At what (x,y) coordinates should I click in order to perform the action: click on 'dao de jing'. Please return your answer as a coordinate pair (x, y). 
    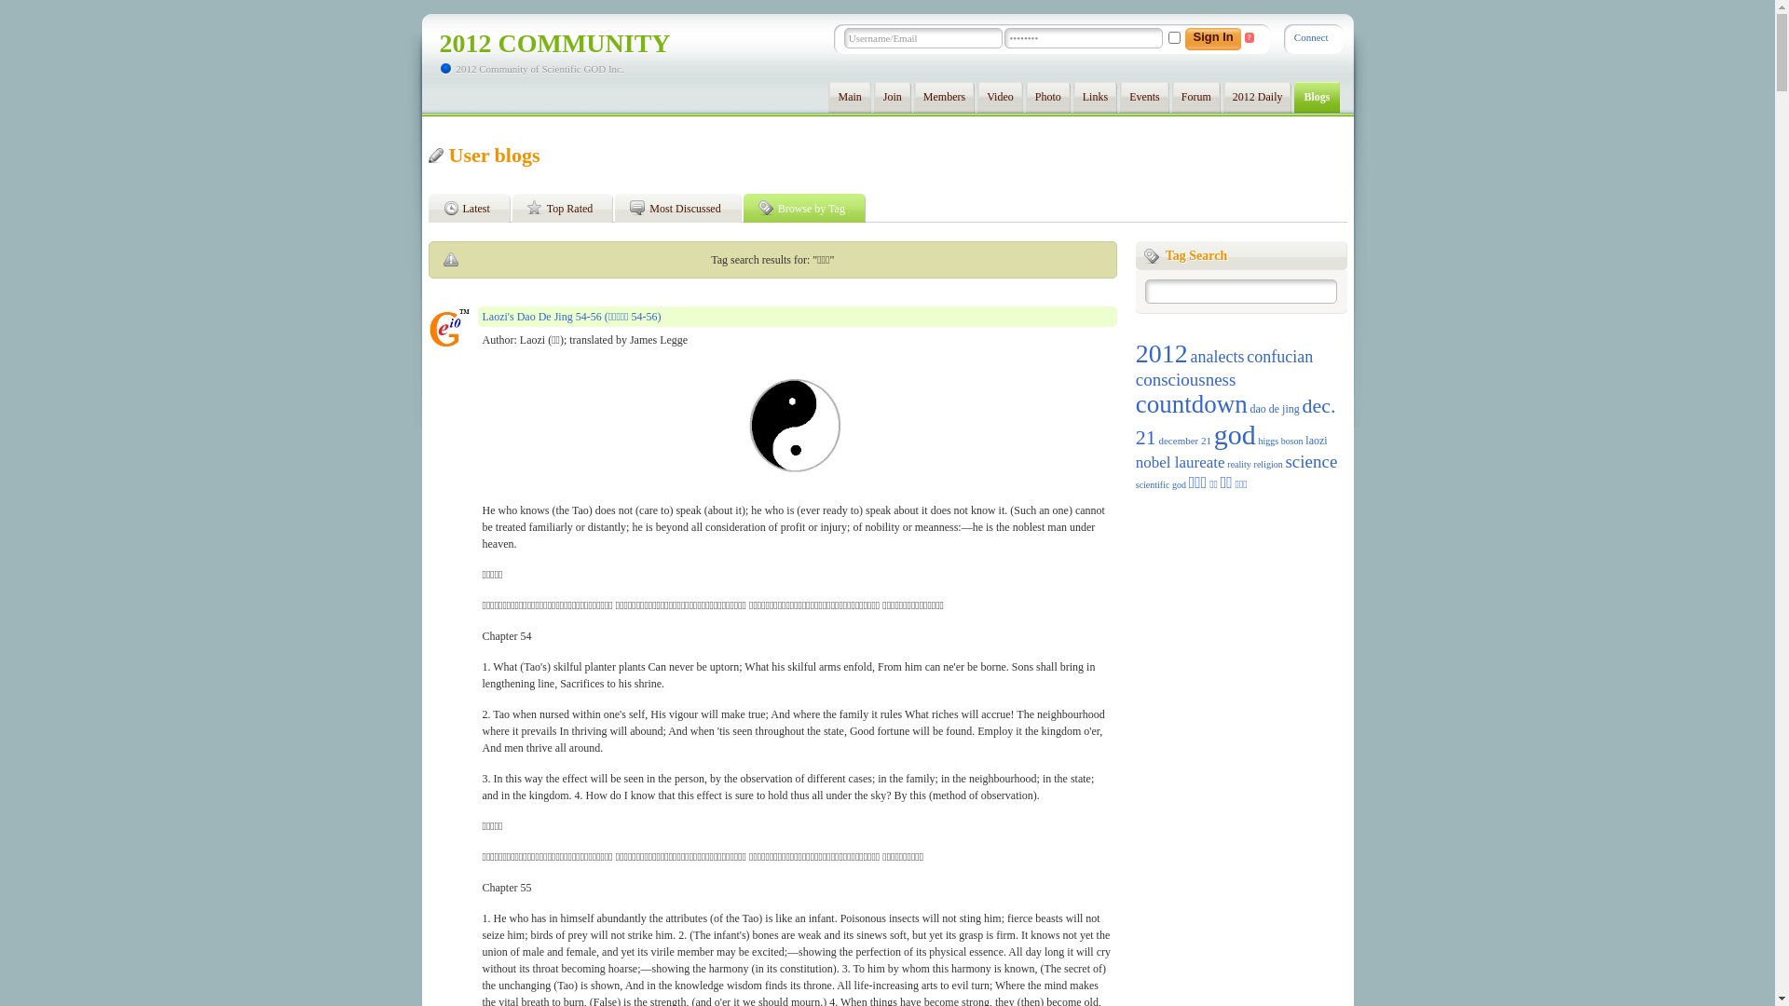
    Looking at the image, I should click on (1273, 408).